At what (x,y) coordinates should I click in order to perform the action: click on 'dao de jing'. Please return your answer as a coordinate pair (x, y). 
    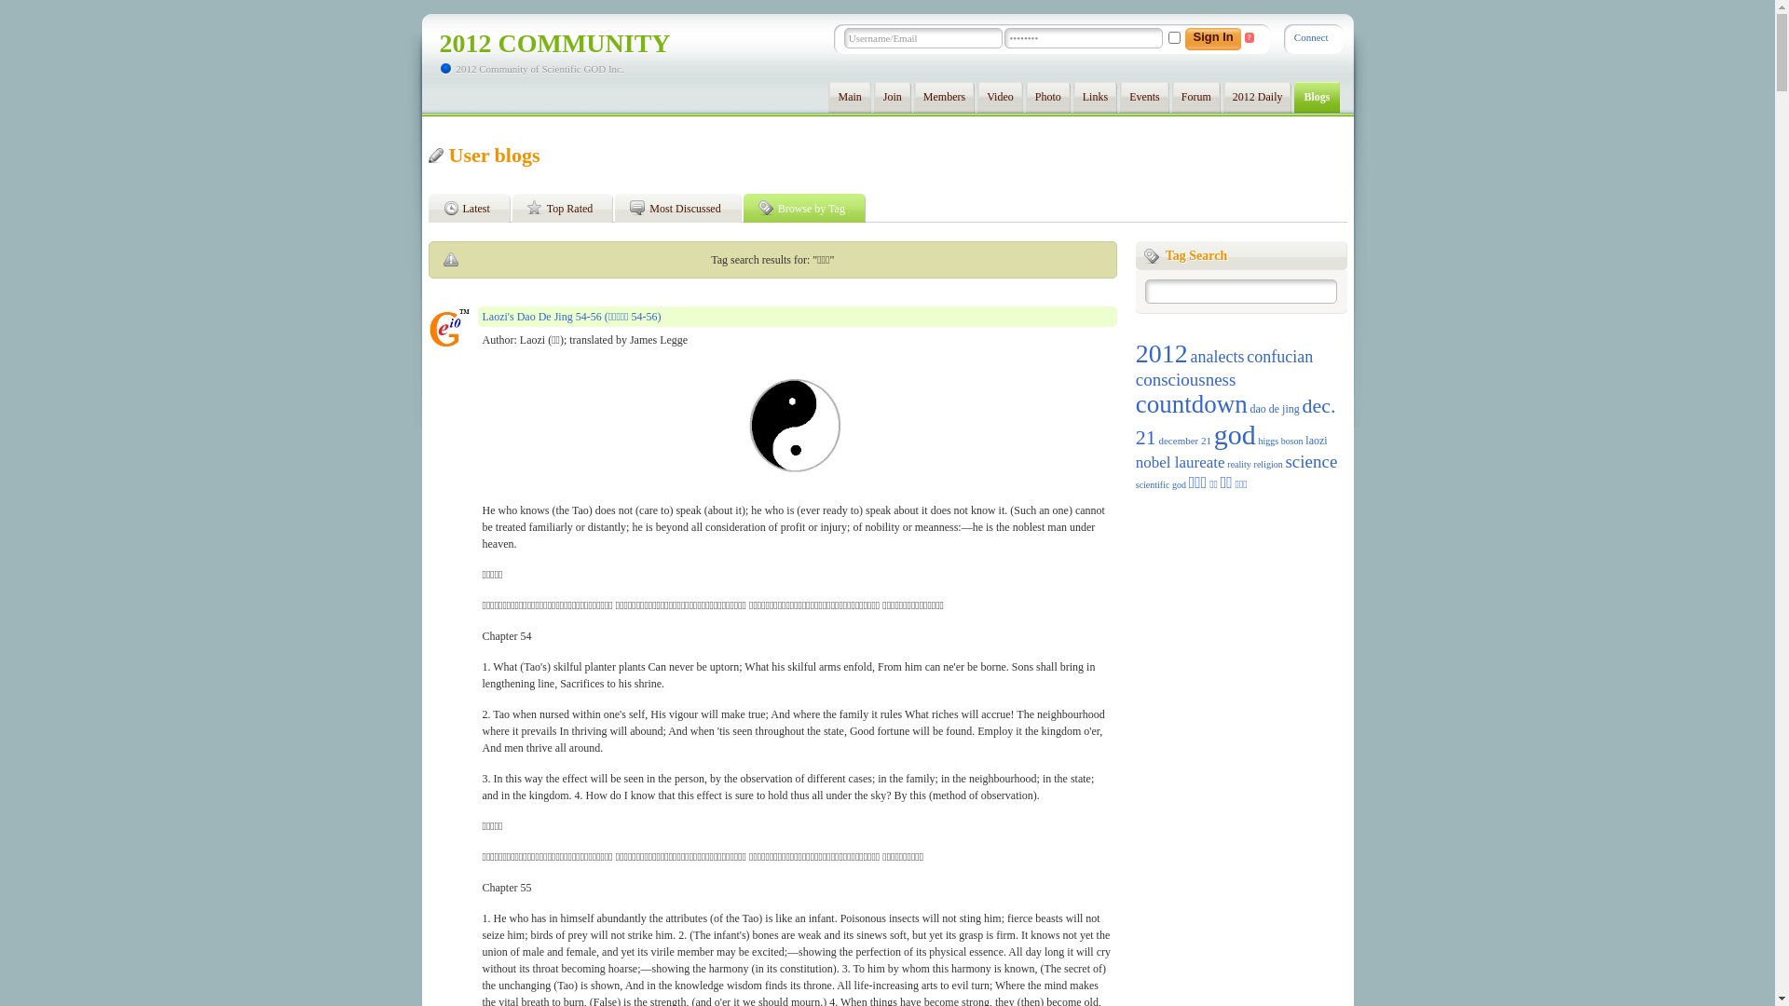
    Looking at the image, I should click on (1273, 408).